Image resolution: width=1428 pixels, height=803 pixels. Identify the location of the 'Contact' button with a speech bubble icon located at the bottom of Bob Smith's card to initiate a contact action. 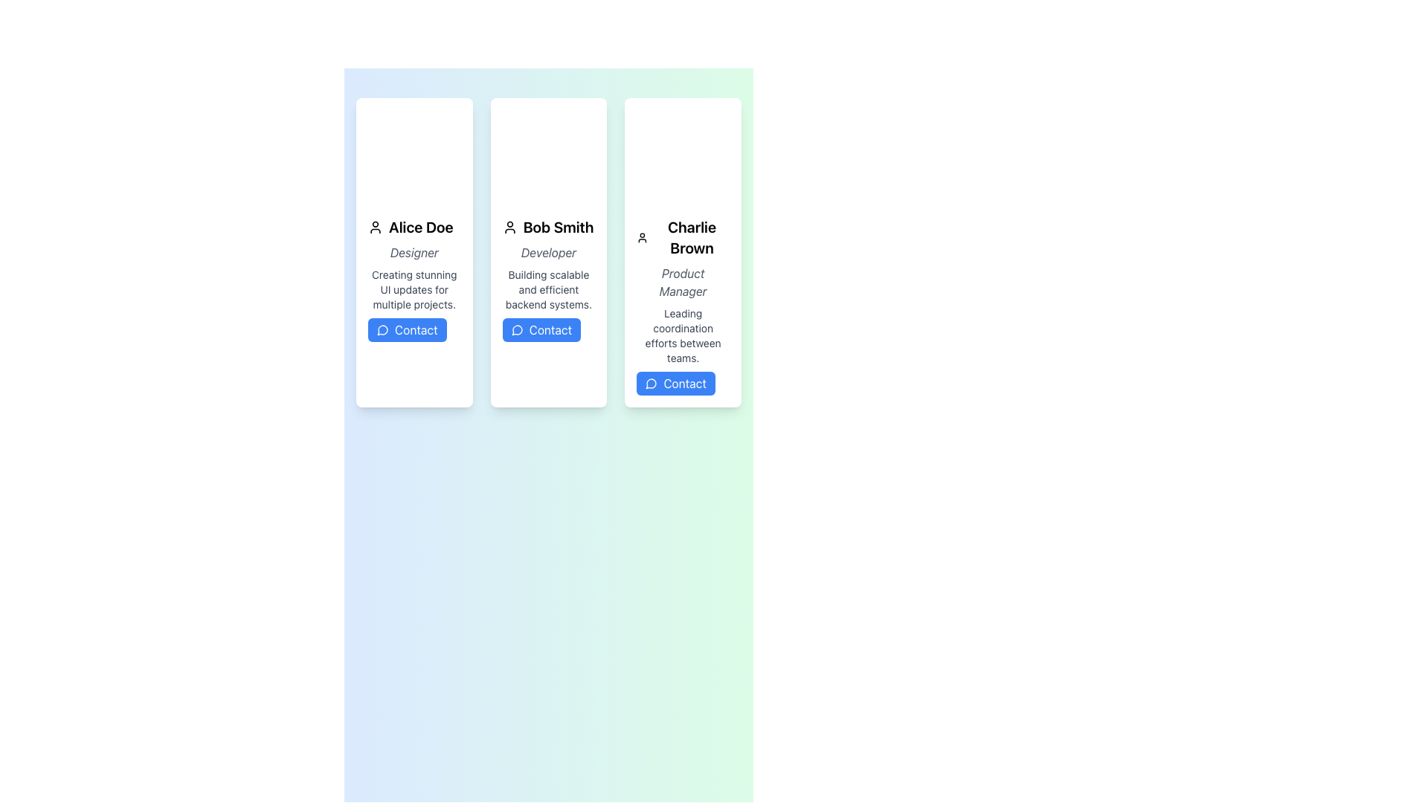
(541, 329).